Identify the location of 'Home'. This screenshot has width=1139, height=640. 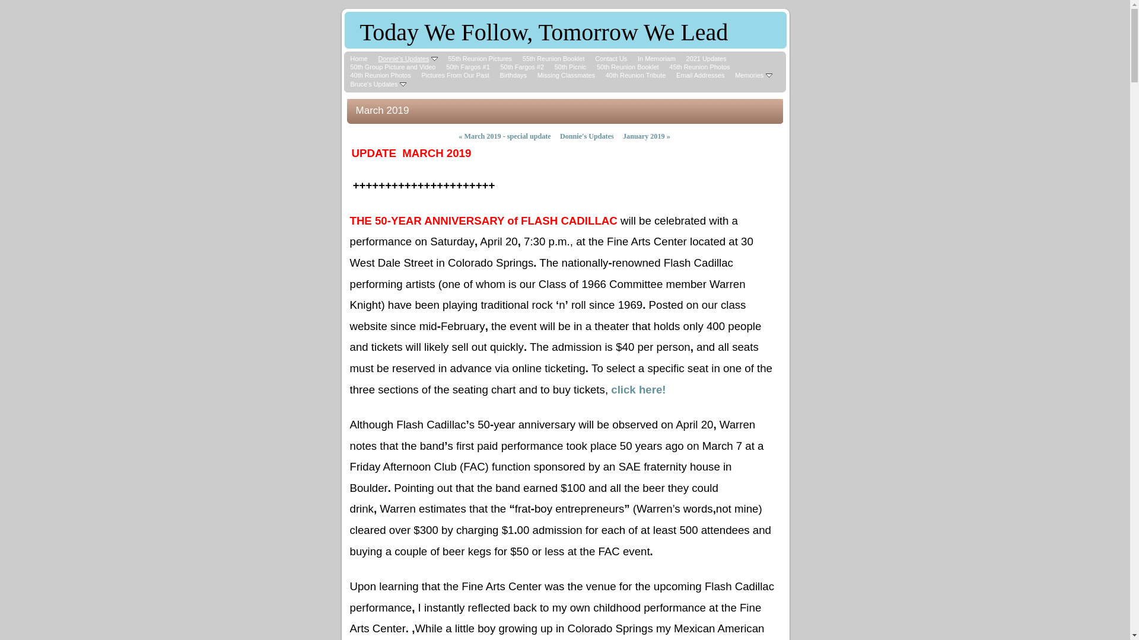
(358, 59).